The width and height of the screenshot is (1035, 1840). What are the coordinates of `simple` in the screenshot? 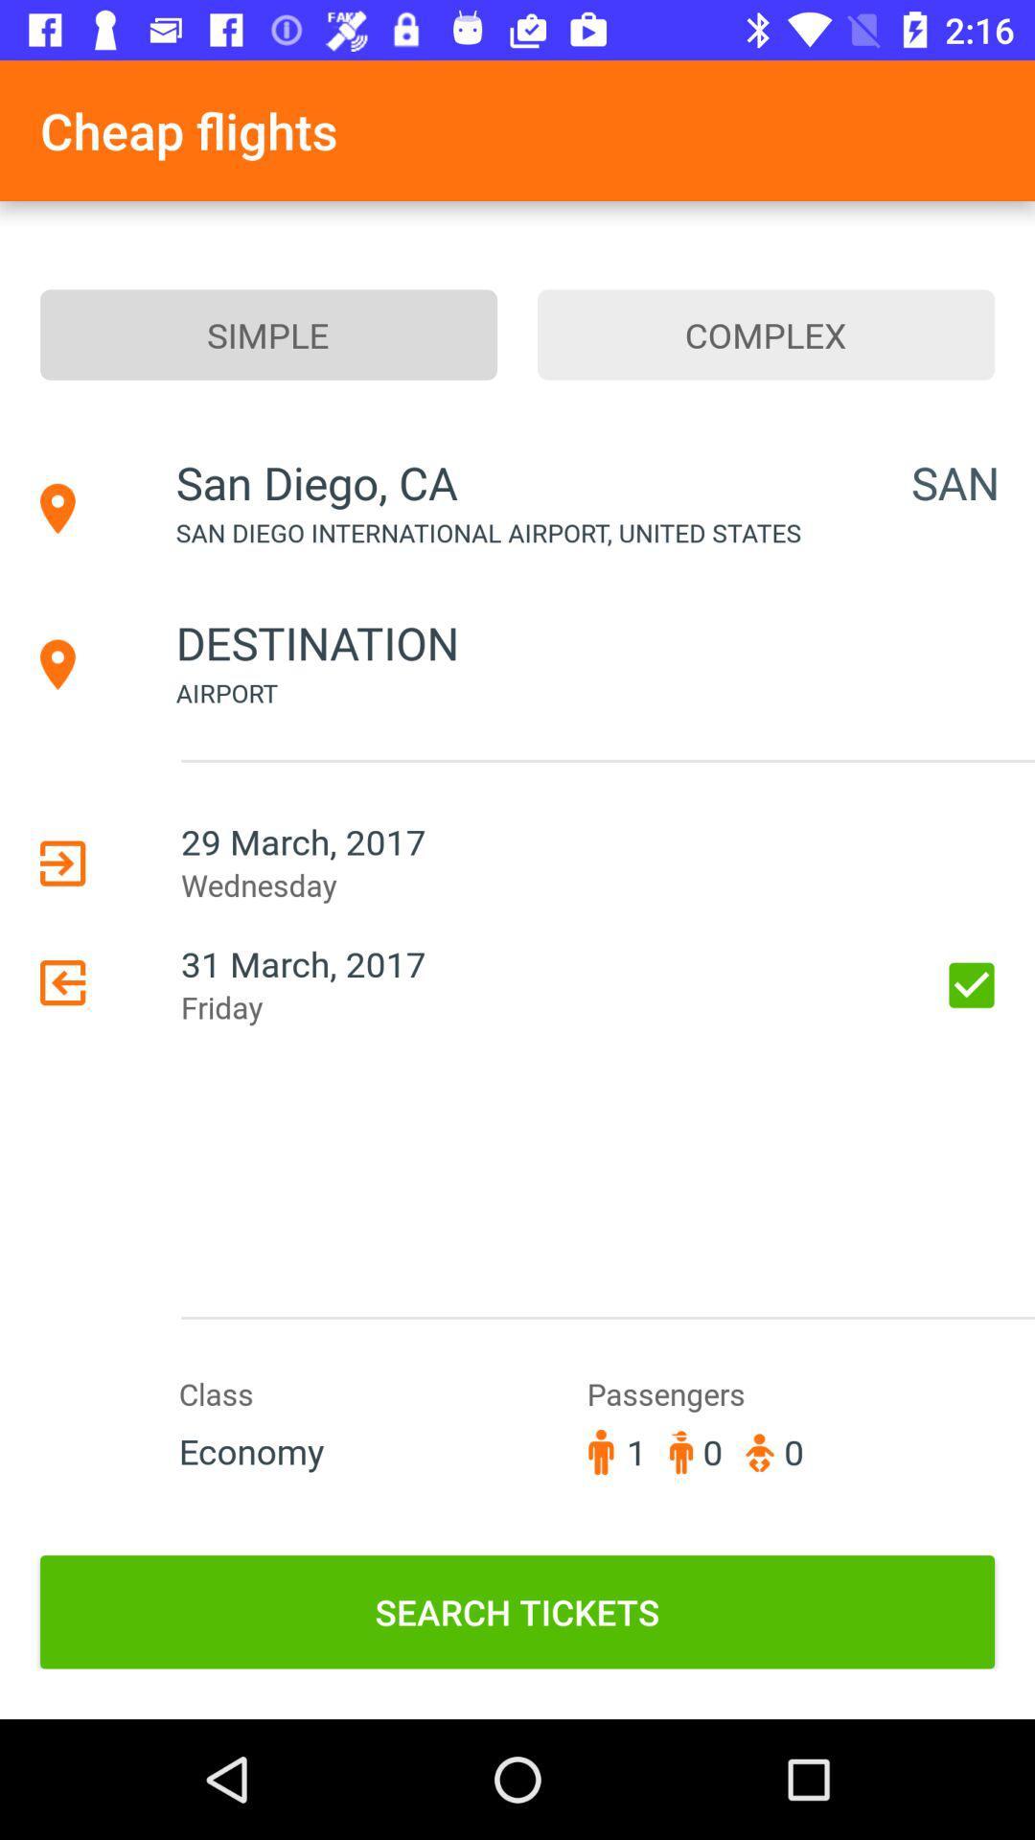 It's located at (268, 334).